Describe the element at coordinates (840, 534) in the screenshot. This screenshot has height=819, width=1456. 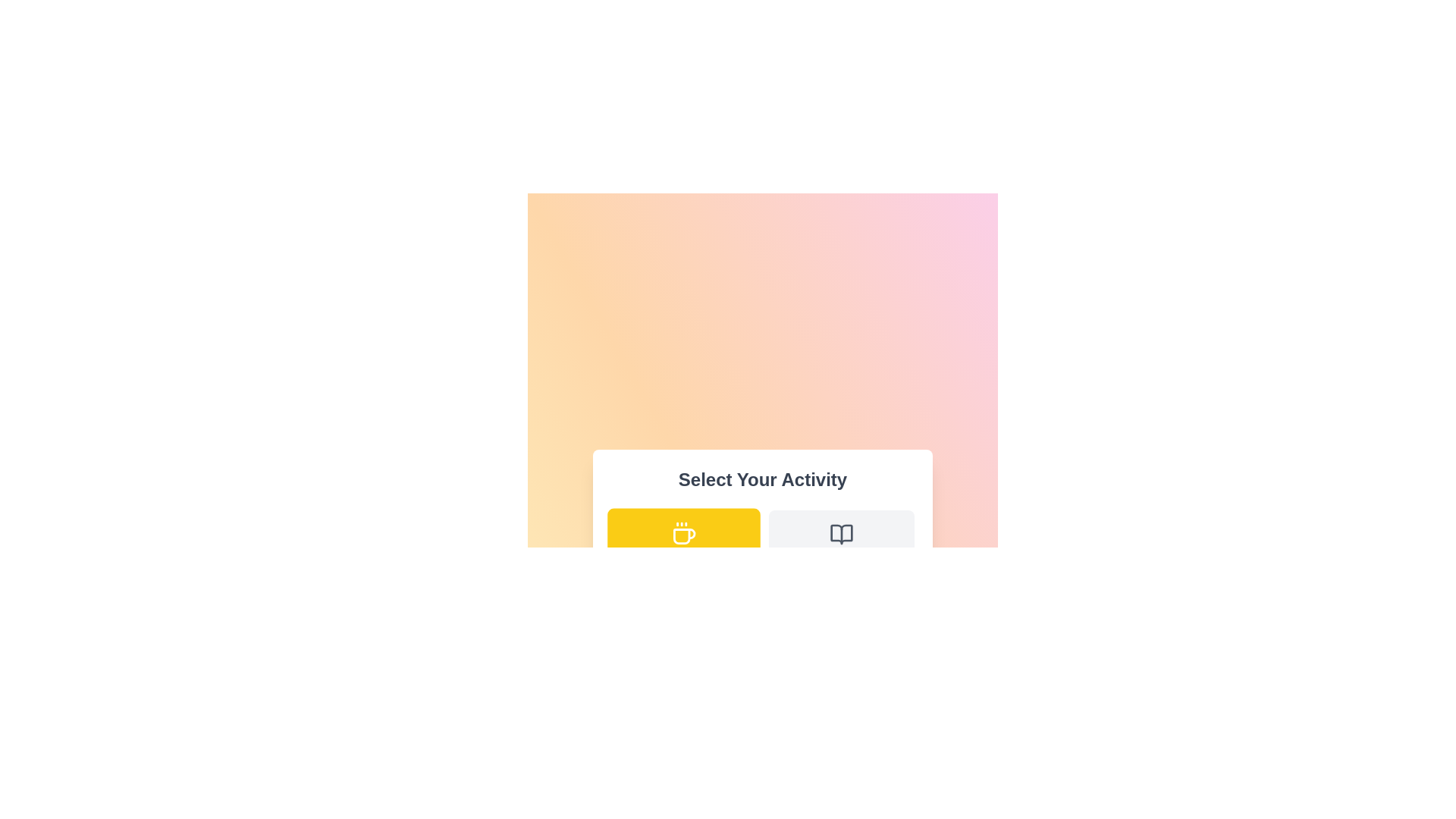
I see `the Icon button located beneath the header 'Select Your Activity'` at that location.